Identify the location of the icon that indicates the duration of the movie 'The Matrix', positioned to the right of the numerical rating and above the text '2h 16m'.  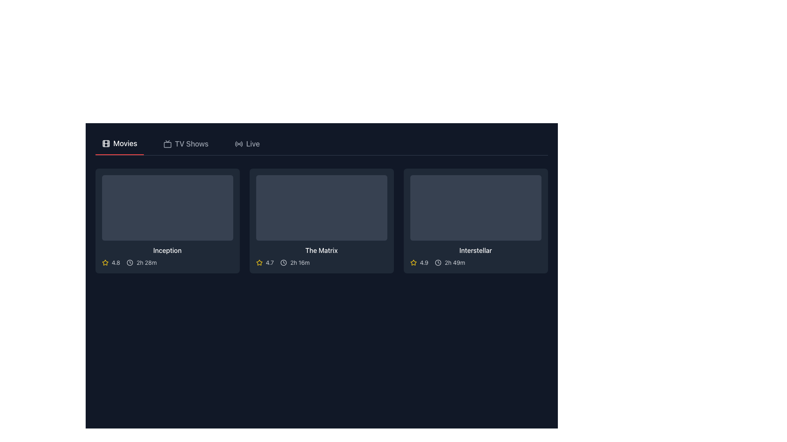
(284, 262).